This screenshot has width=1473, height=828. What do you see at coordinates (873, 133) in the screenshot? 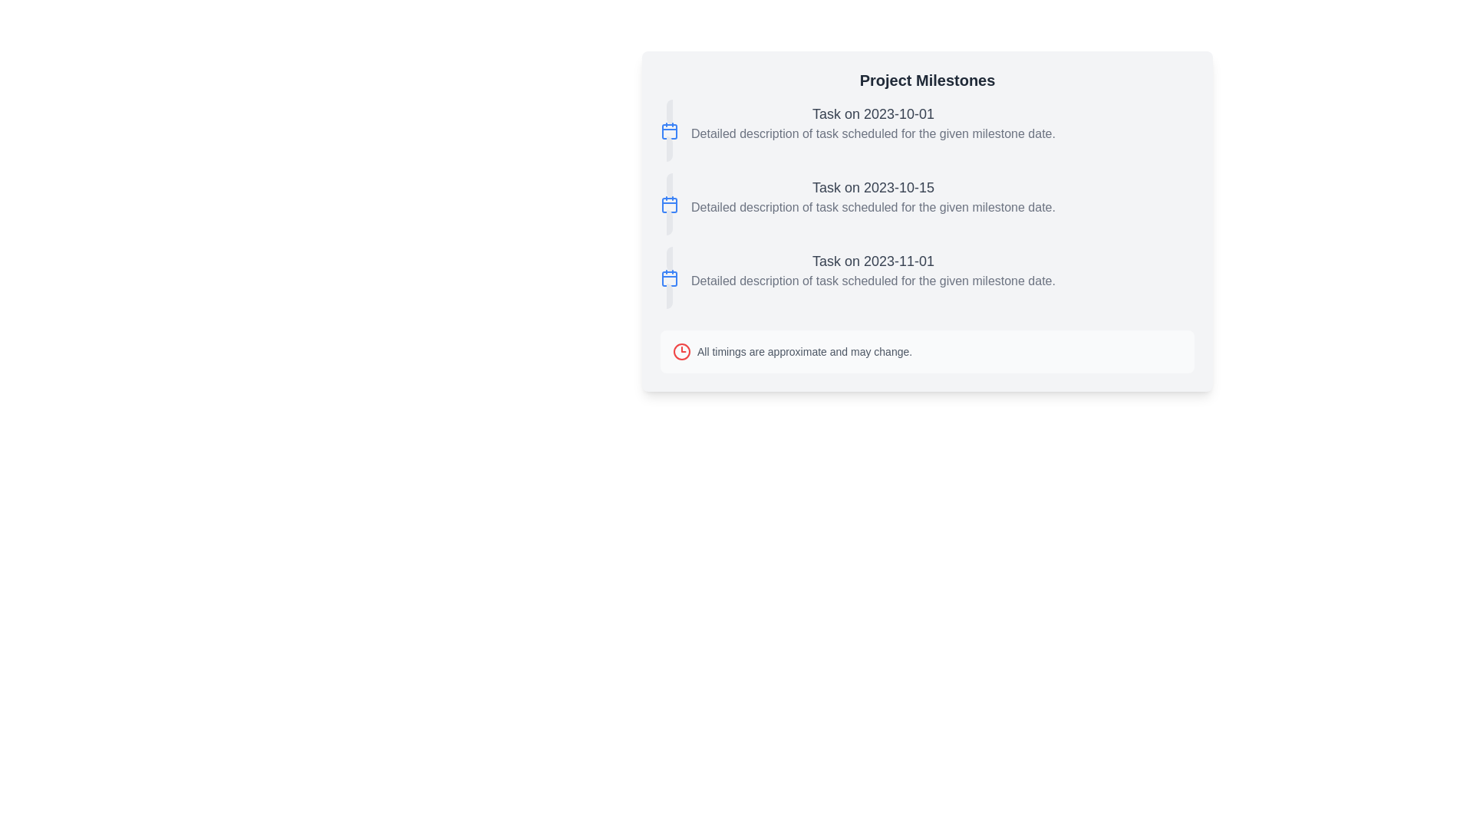
I see `the informational text element located directly beneath the bold title 'Task on 2023-10-01' in the first milestone item of the list` at bounding box center [873, 133].